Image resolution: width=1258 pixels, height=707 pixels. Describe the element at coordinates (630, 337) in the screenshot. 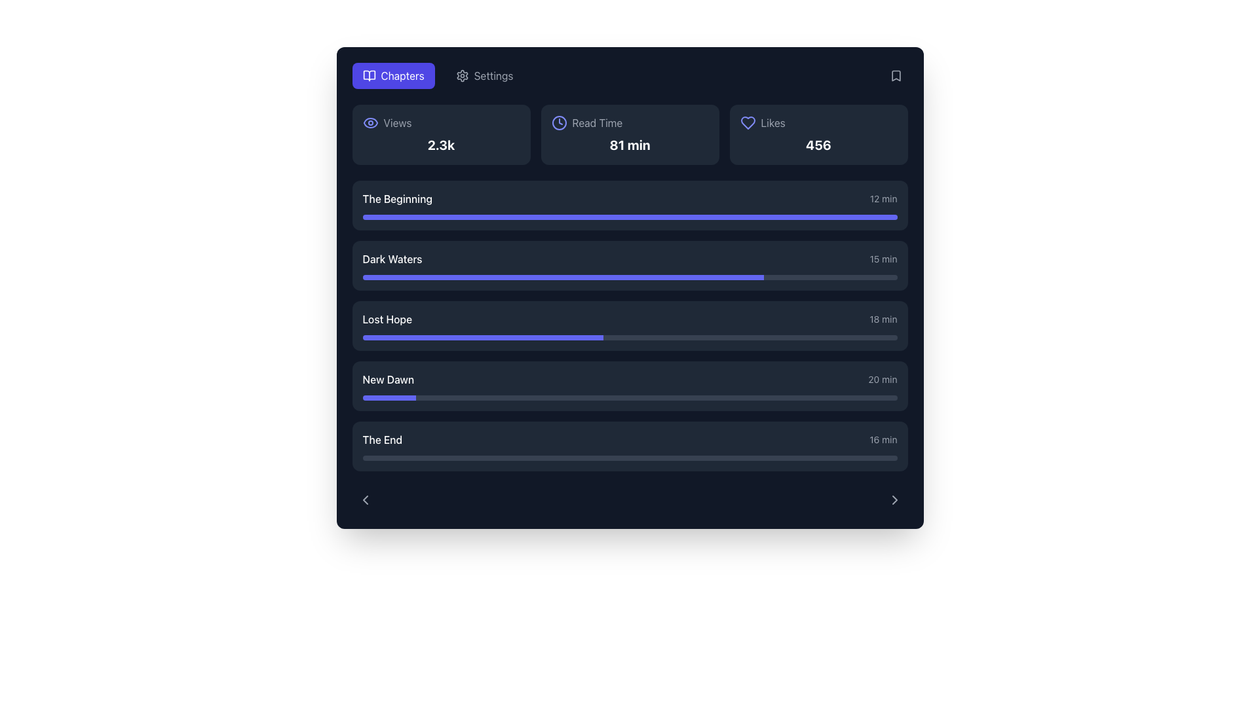

I see `the horizontal progress bar with a rounded shape and gradient-like appearance located below the text 'Lost Hope' and '18 min'` at that location.